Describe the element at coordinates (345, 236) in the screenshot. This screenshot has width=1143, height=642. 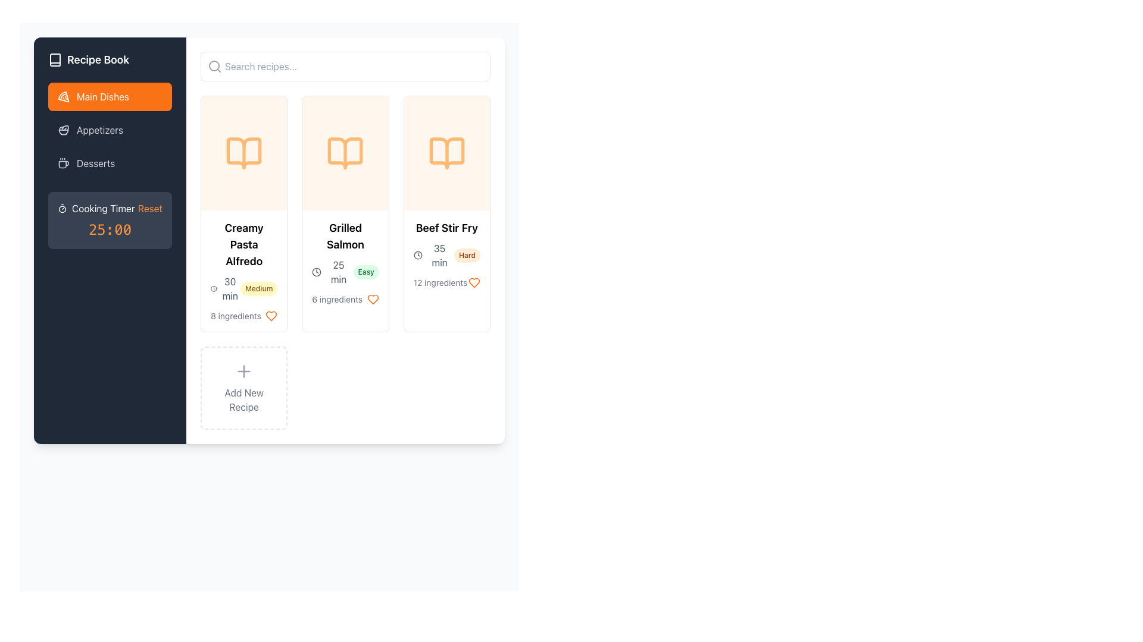
I see `the text label that serves as the title of the recipe in the second card of the vertical recipe list, positioned below an open book icon and above the preparation details` at that location.